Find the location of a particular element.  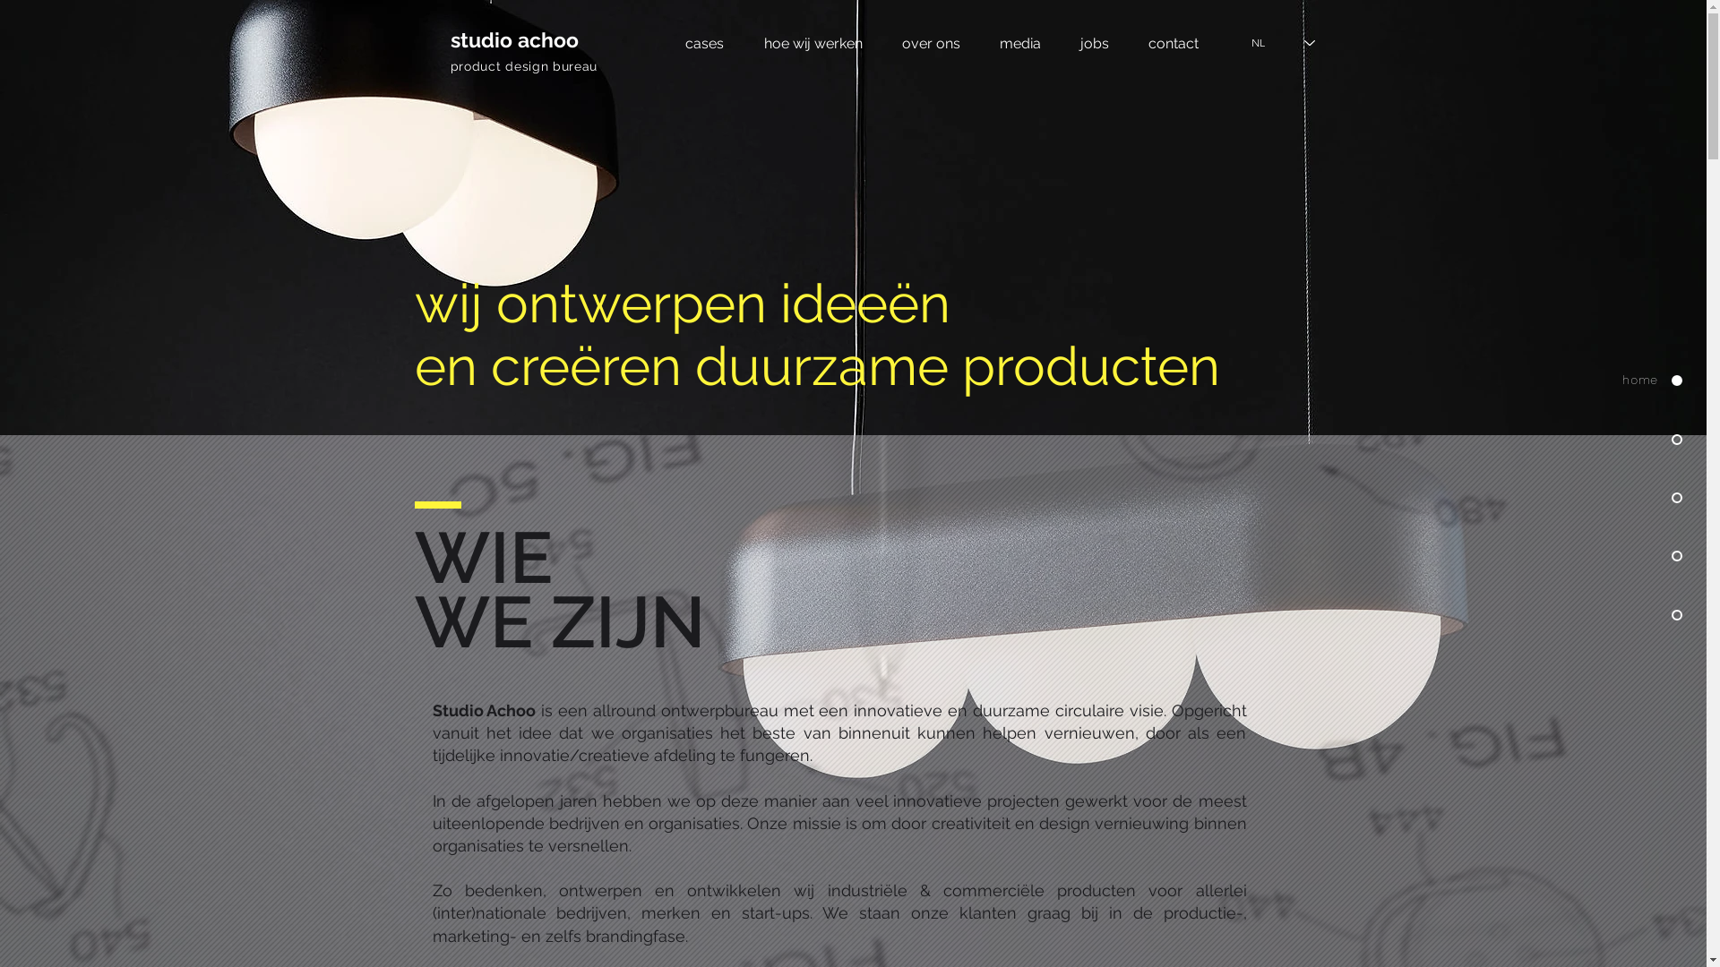

'home' is located at coordinates (1567, 380).